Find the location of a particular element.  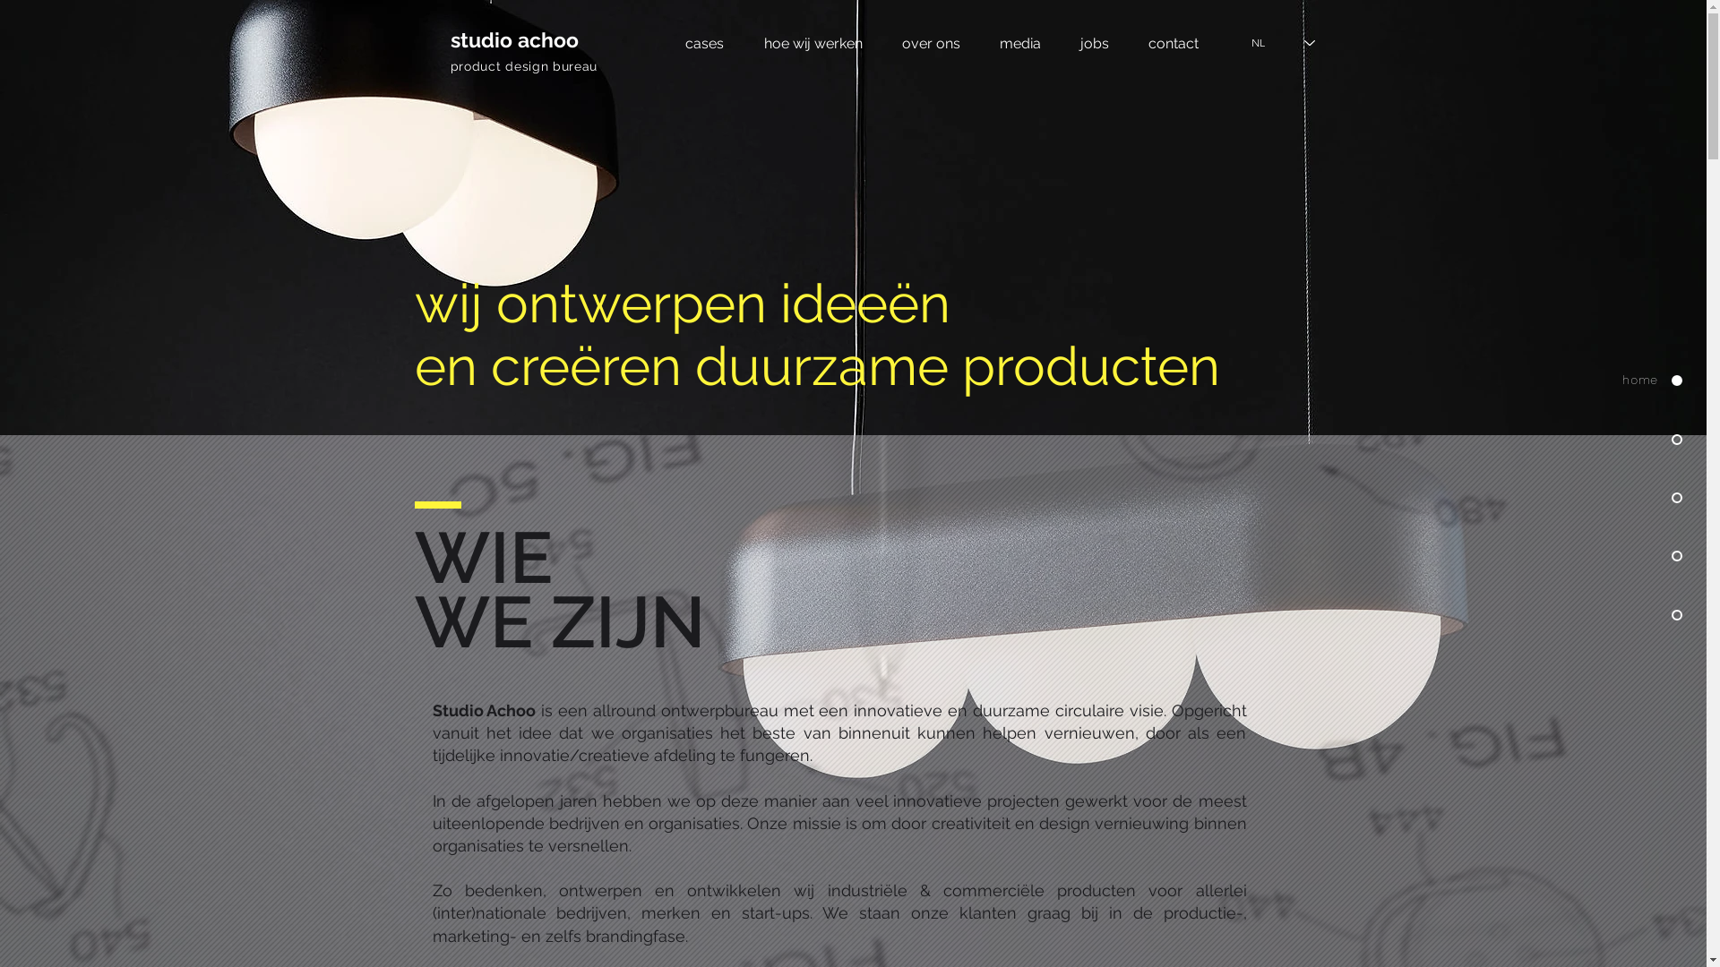

'home' is located at coordinates (1567, 380).